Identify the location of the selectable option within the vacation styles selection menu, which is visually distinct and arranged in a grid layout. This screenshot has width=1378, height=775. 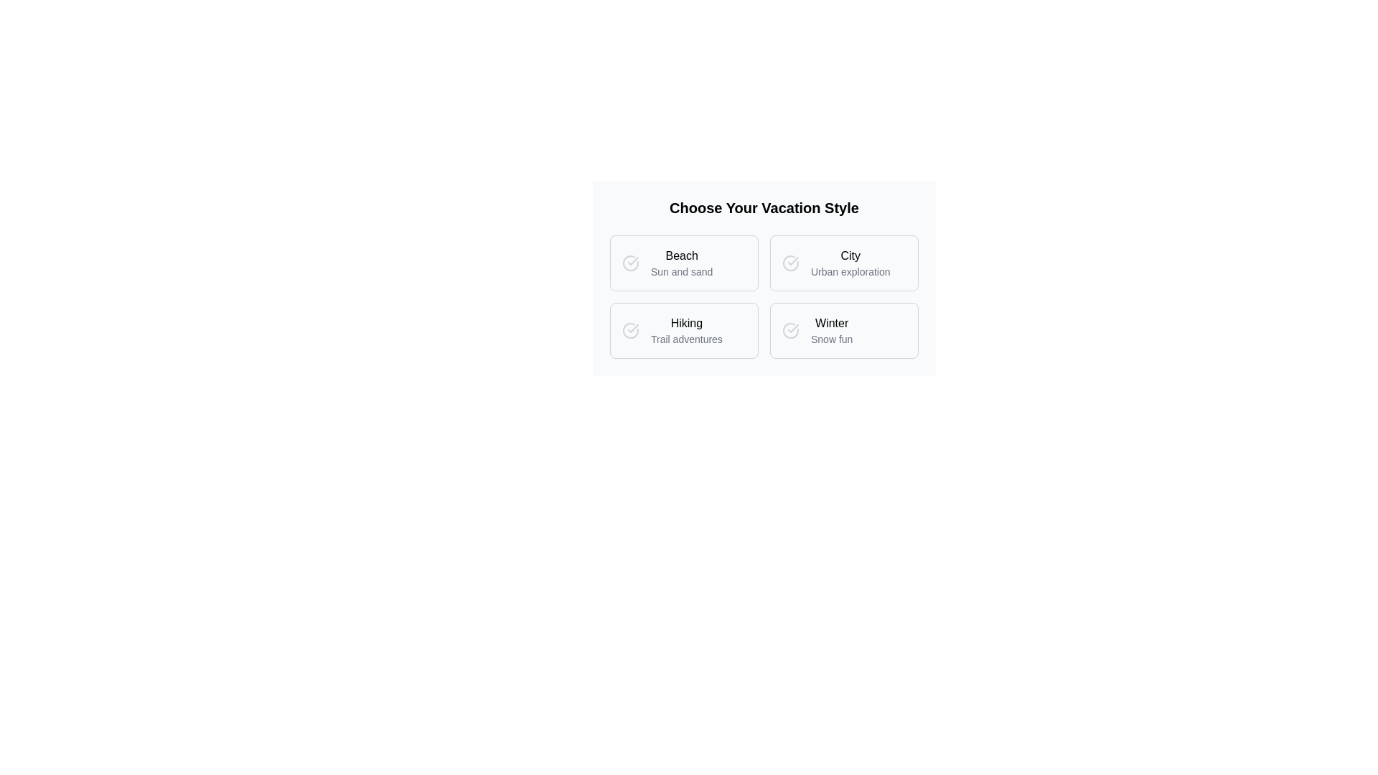
(764, 278).